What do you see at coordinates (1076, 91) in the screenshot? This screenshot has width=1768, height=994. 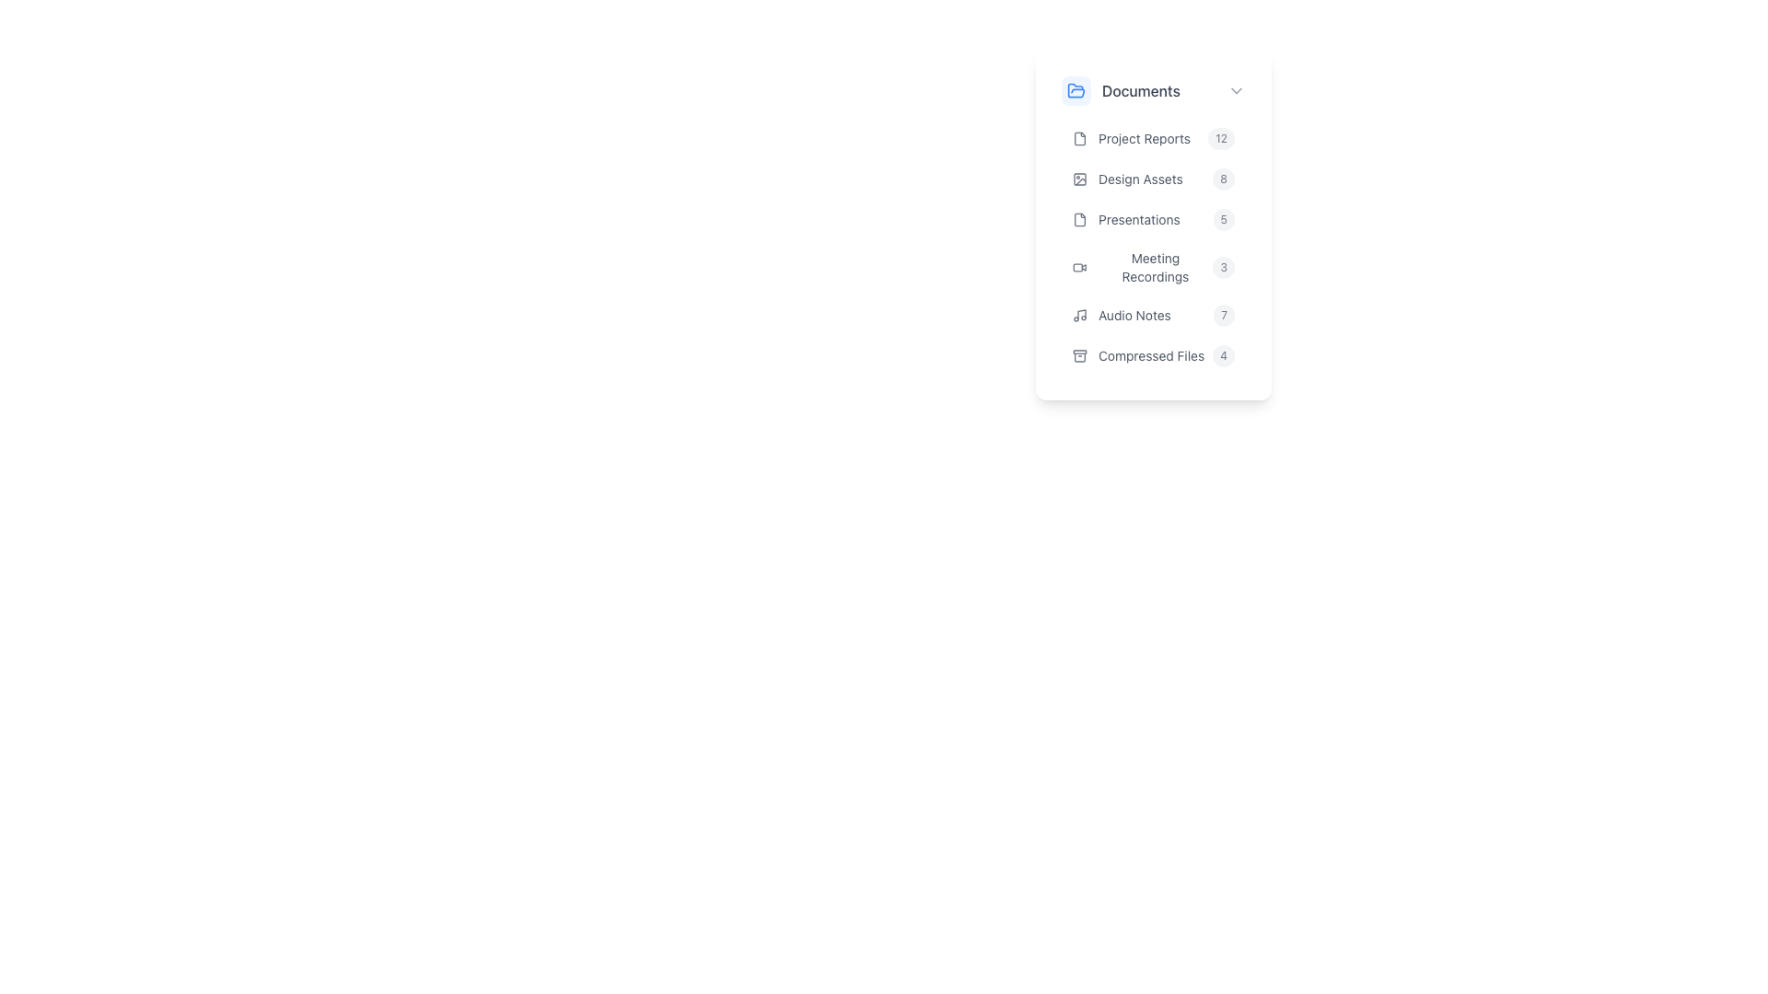 I see `the folder icon located above the 'Documents' text, which is within a light blue background on the card labeled 'Documents'` at bounding box center [1076, 91].